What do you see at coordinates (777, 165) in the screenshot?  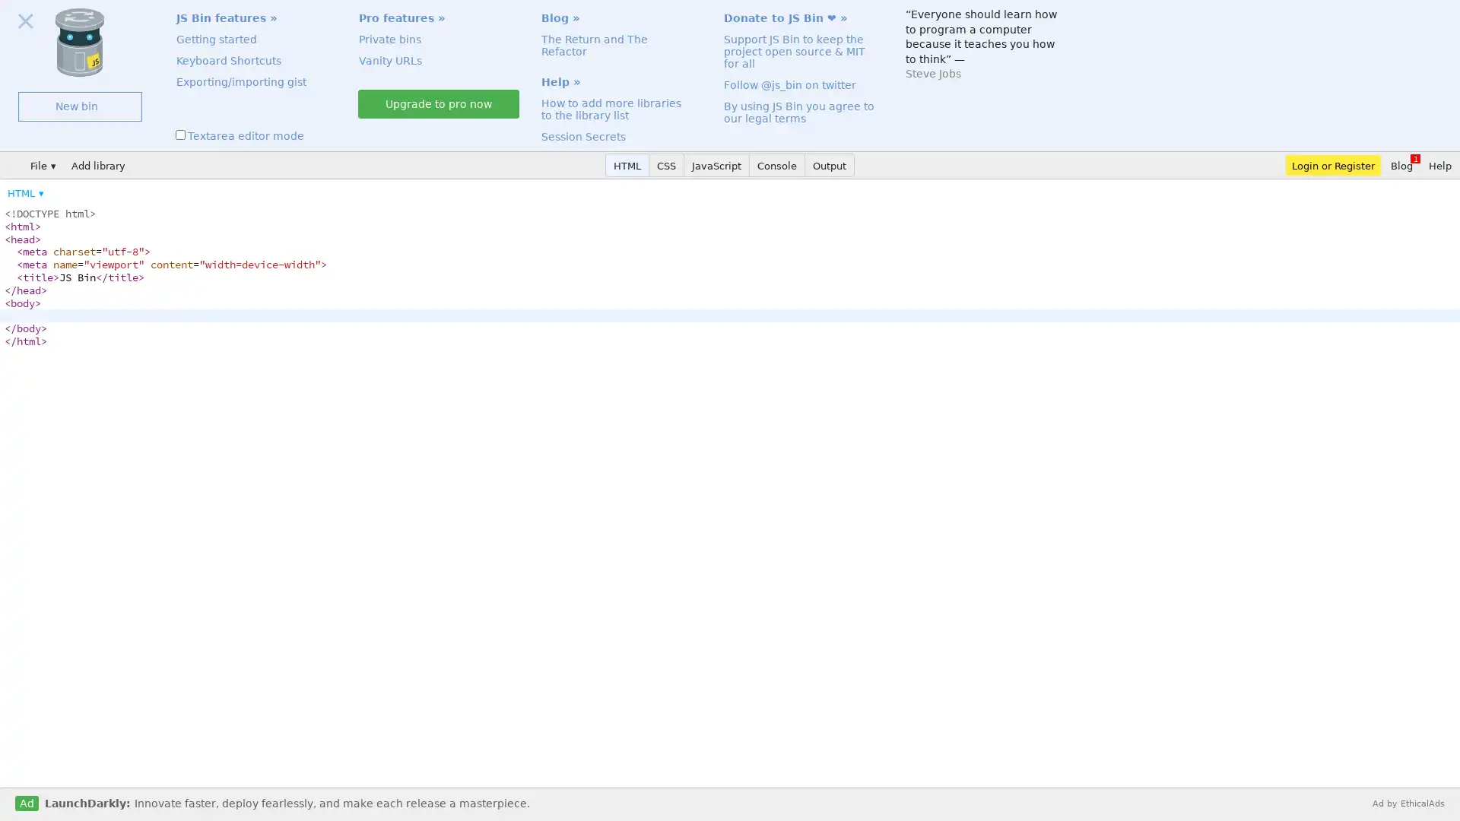 I see `Console Panel: Inactive` at bounding box center [777, 165].